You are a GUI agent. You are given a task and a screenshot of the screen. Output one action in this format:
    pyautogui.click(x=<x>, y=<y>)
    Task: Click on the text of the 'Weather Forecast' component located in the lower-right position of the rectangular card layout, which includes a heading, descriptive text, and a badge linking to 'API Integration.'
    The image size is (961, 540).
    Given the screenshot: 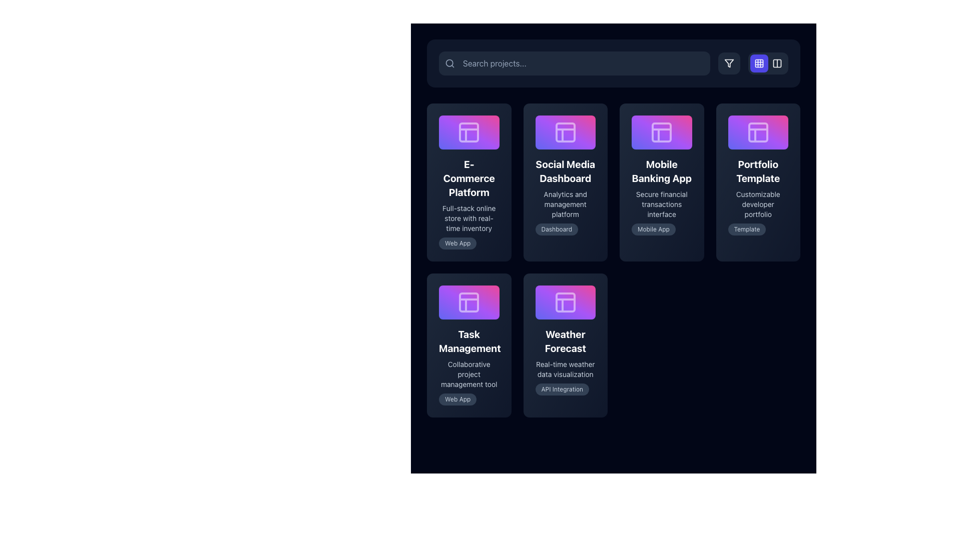 What is the action you would take?
    pyautogui.click(x=565, y=361)
    